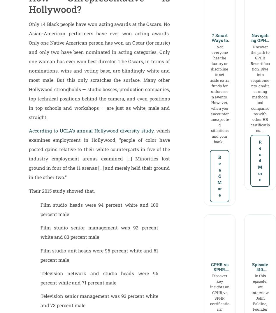 The height and width of the screenshot is (313, 276). What do you see at coordinates (99, 232) in the screenshot?
I see `'Film studio senior management was 92 percent white and 83 percent male'` at bounding box center [99, 232].